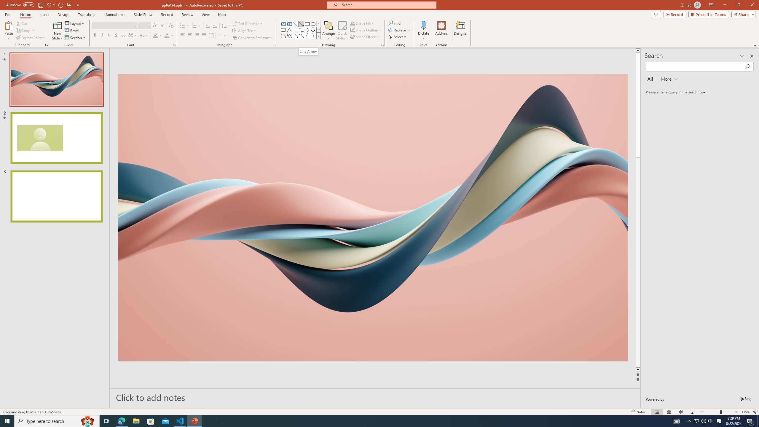 The image size is (759, 427). Describe the element at coordinates (365, 36) in the screenshot. I see `'Shape Effects'` at that location.